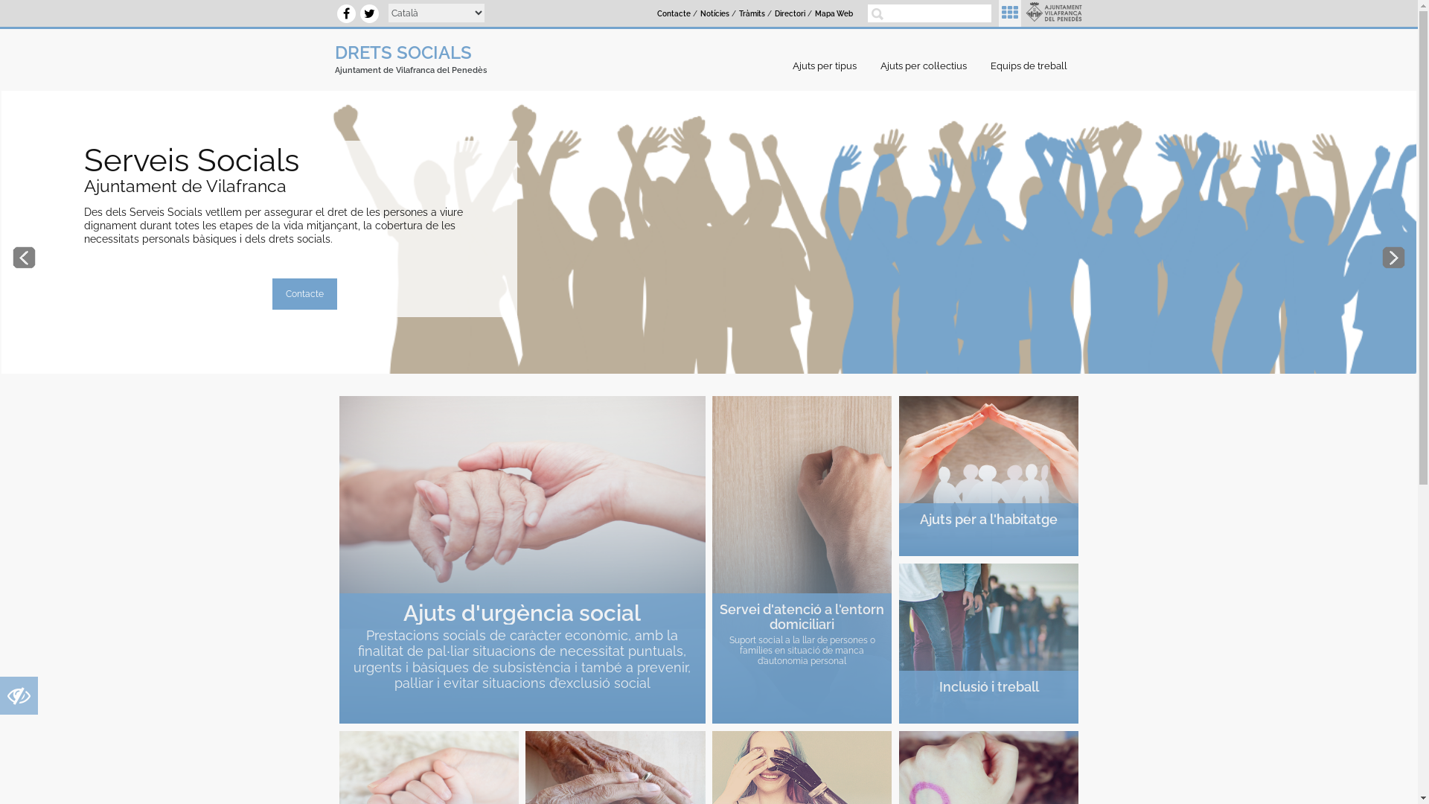 The image size is (1429, 804). What do you see at coordinates (828, 65) in the screenshot?
I see `'Ajuts per tipus'` at bounding box center [828, 65].